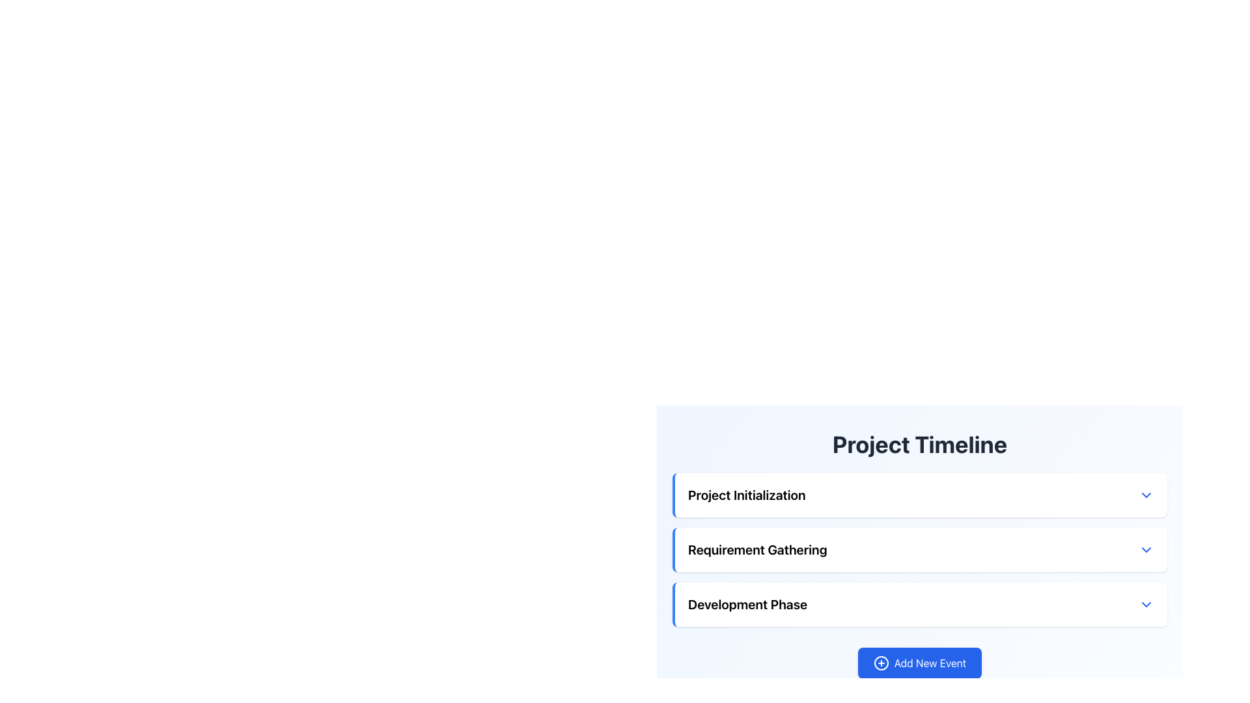  I want to click on the text label that reads 'Requirement Gathering', which is styled in bold and positioned between 'Project Initialization' and 'Development Phase' in the 'Project Timeline' interface, so click(757, 549).